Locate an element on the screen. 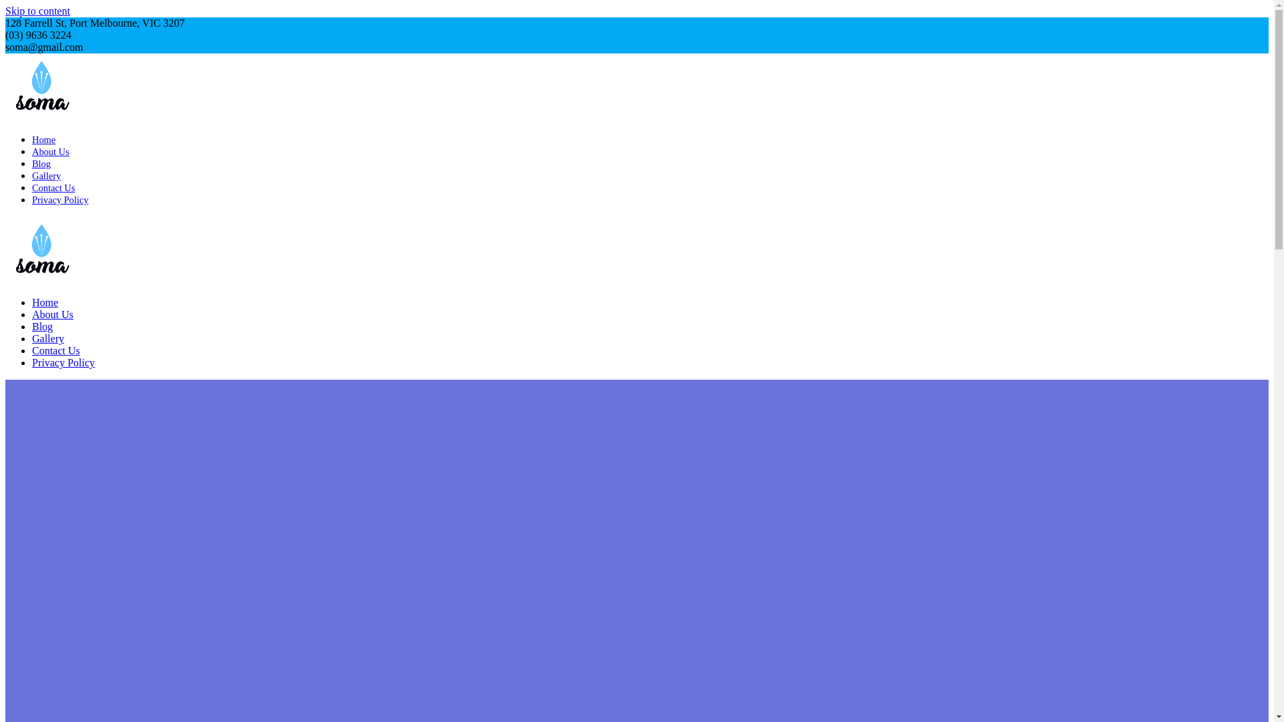 The height and width of the screenshot is (722, 1284). 'Privacy Policy' is located at coordinates (60, 200).